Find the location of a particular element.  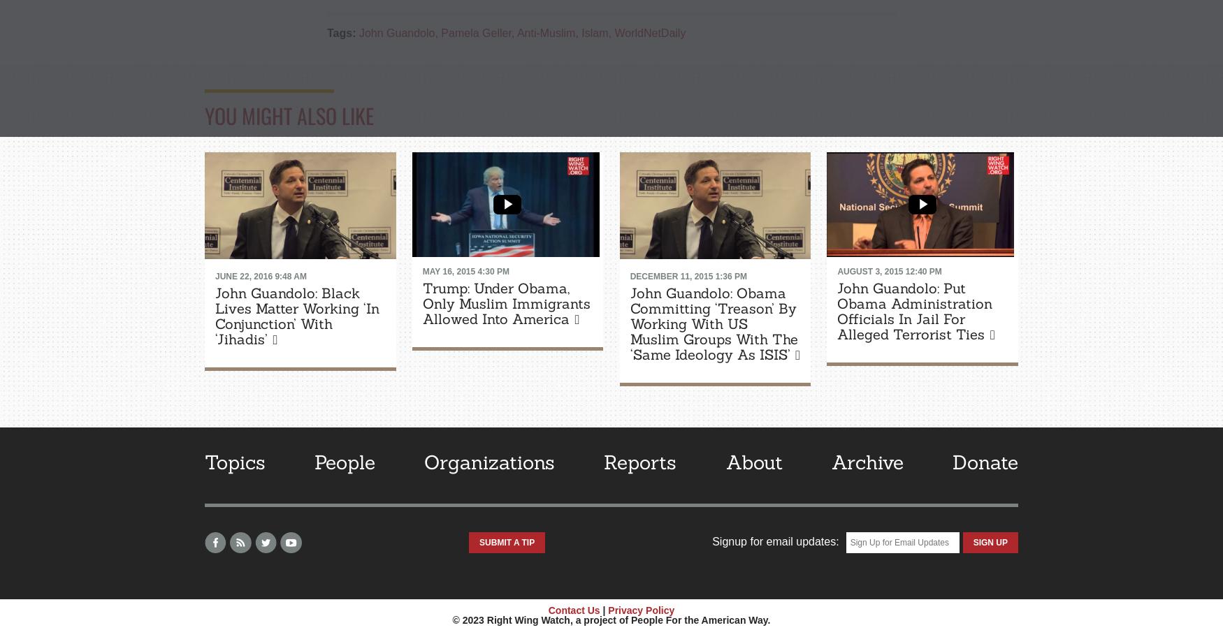

'Signup for email updates:' is located at coordinates (775, 540).